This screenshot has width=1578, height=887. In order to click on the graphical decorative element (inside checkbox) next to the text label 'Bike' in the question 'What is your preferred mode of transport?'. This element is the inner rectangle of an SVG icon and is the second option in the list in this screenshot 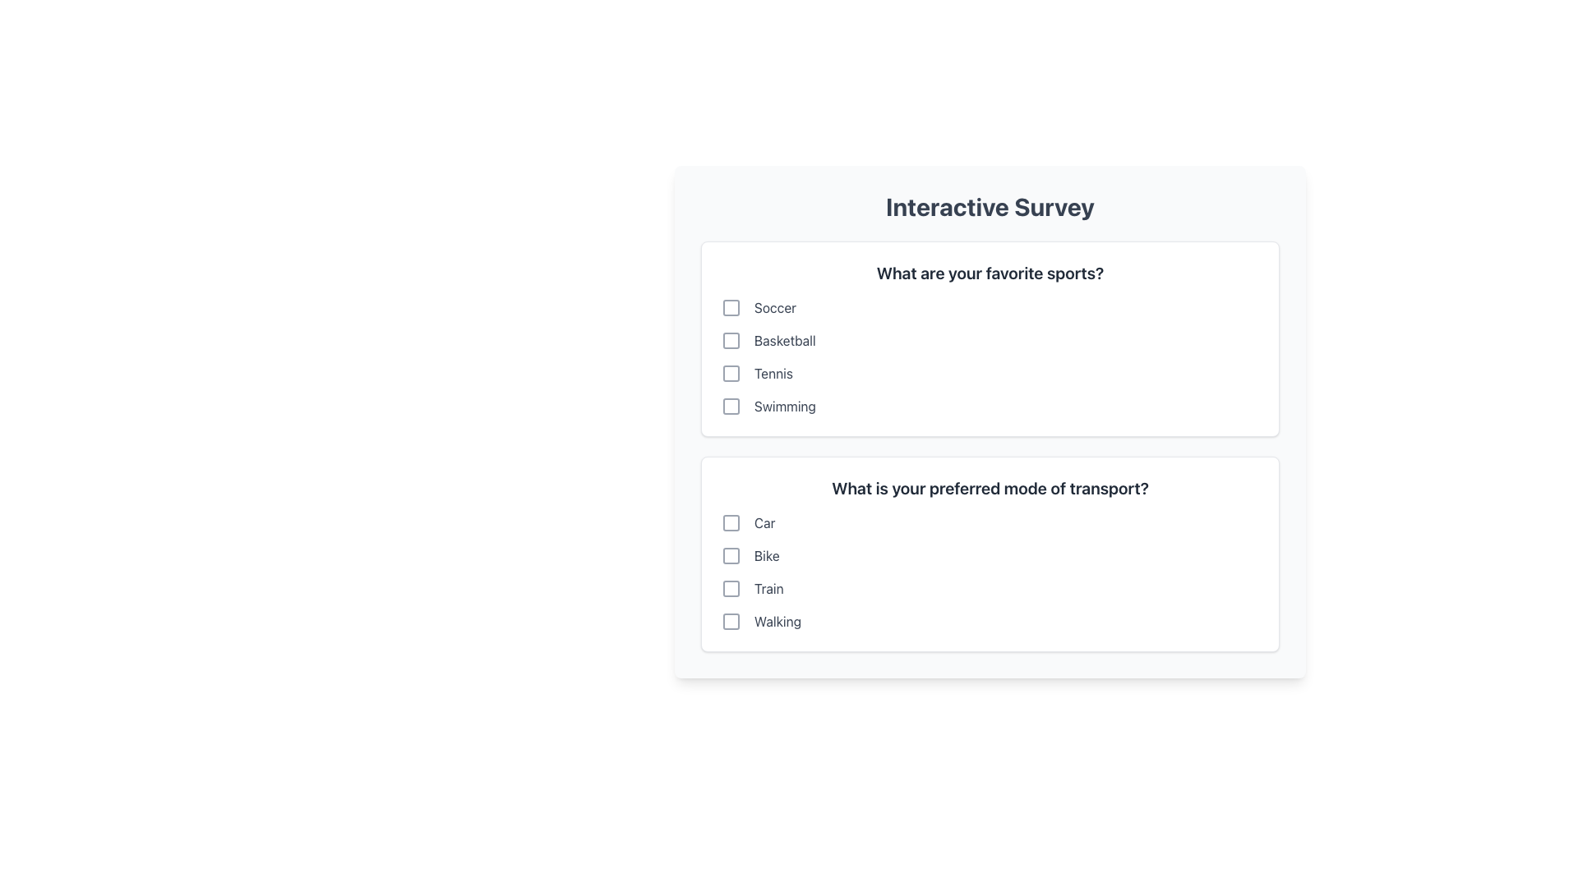, I will do `click(730, 555)`.